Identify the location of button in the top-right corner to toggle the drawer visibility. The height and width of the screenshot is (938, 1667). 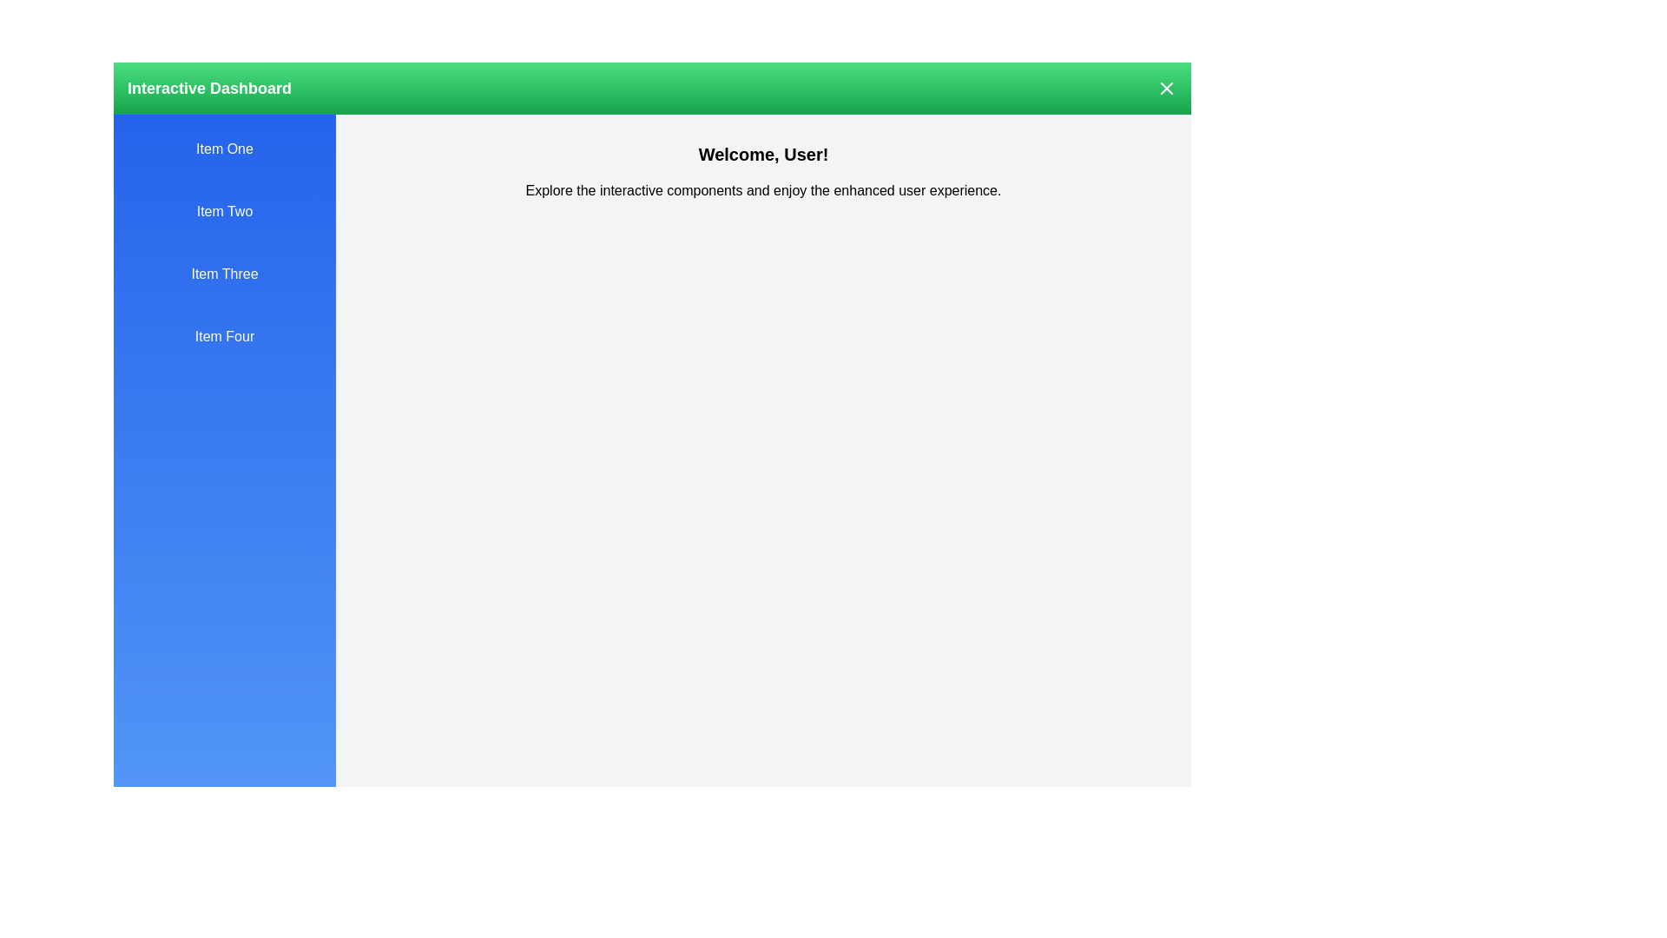
(1167, 88).